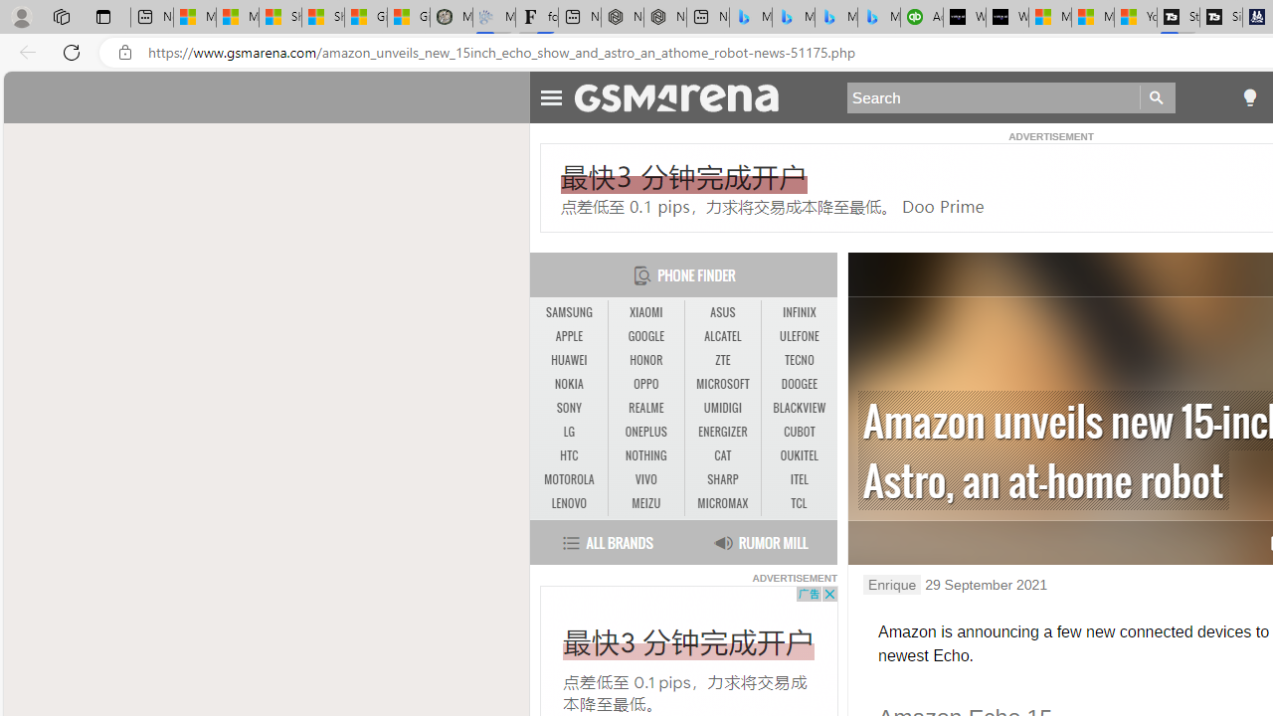  I want to click on 'XIAOMI', so click(645, 312).